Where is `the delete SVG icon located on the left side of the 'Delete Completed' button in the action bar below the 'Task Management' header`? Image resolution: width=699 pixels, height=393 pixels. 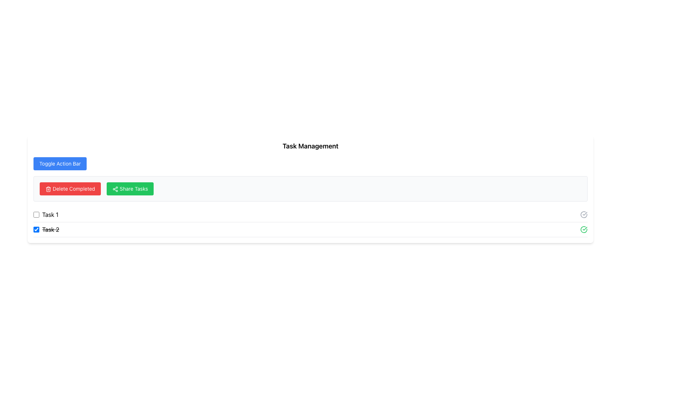 the delete SVG icon located on the left side of the 'Delete Completed' button in the action bar below the 'Task Management' header is located at coordinates (48, 189).